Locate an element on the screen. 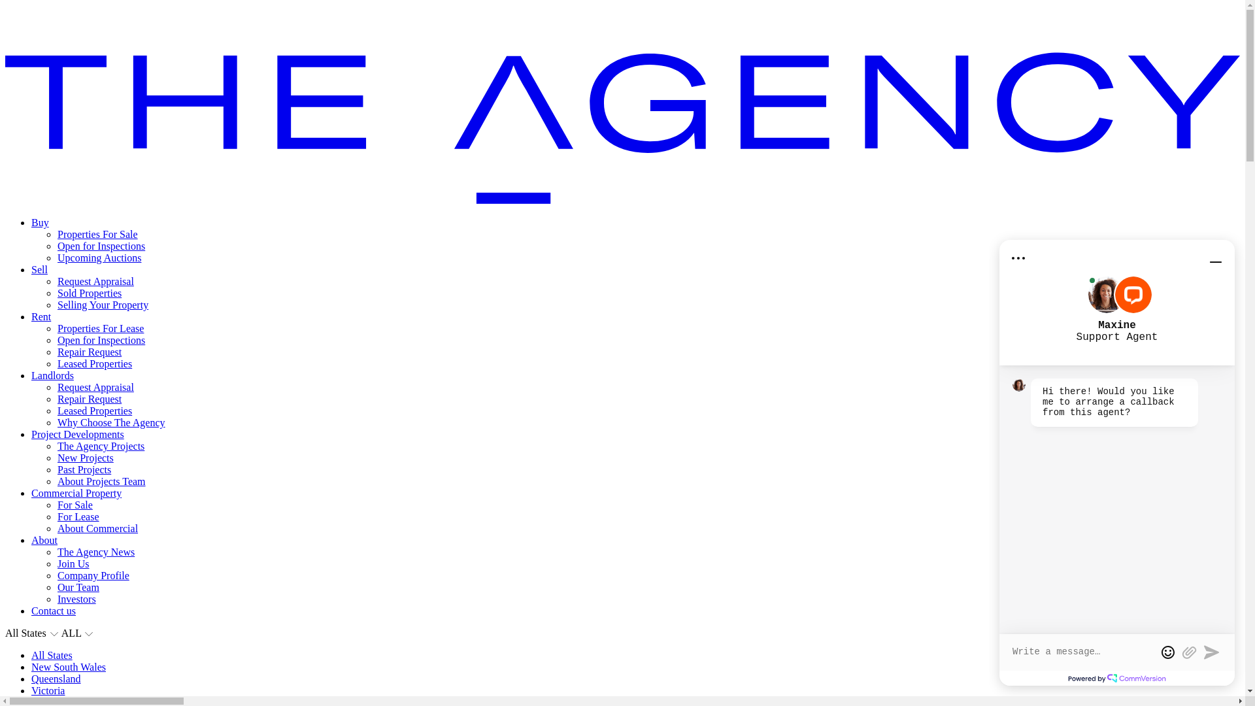  'For Sale' is located at coordinates (75, 504).